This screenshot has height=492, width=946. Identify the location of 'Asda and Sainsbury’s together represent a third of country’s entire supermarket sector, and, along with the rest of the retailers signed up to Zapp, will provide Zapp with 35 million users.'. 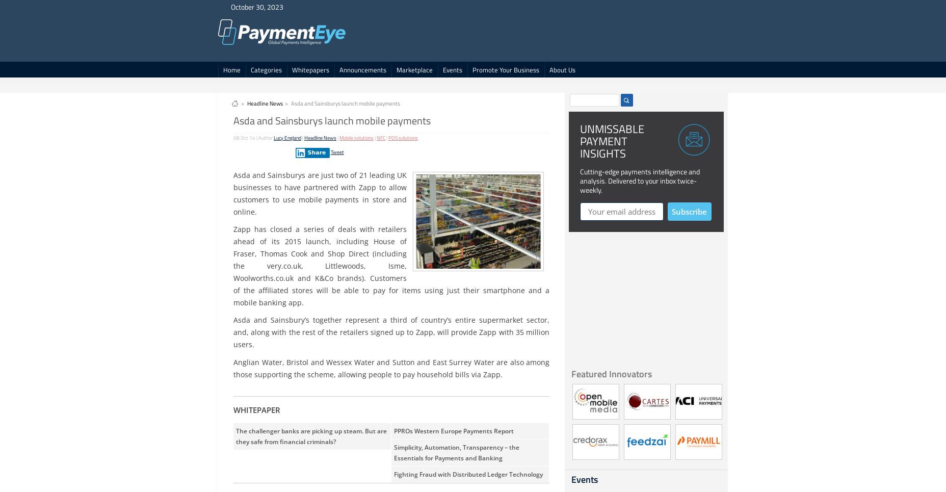
(391, 332).